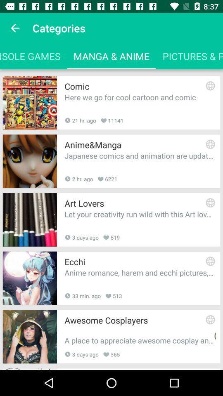 This screenshot has height=396, width=223. I want to click on app to the left of categories icon, so click(15, 28).